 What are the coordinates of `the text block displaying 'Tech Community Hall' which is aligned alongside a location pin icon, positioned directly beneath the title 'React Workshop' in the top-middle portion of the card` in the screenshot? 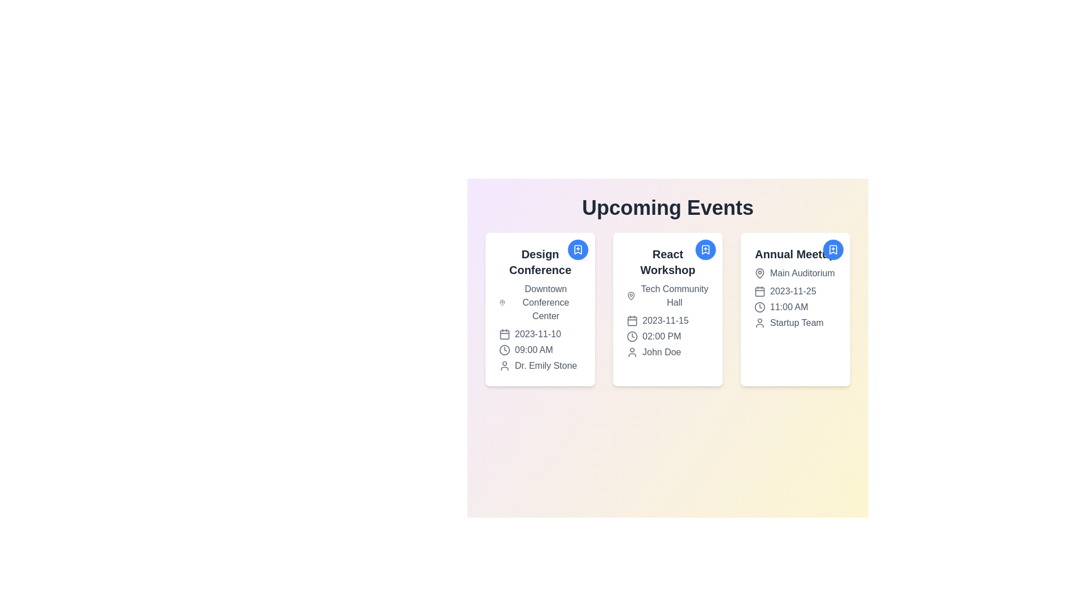 It's located at (667, 295).